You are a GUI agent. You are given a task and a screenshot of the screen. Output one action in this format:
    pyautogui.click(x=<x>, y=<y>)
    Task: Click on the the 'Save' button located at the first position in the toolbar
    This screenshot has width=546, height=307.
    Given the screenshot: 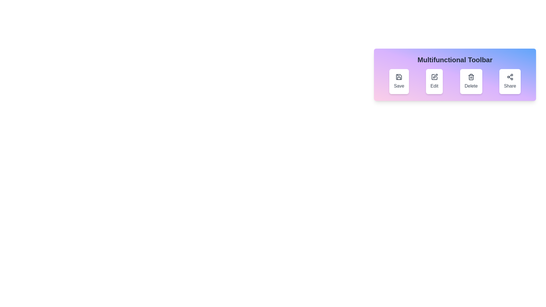 What is the action you would take?
    pyautogui.click(x=399, y=81)
    